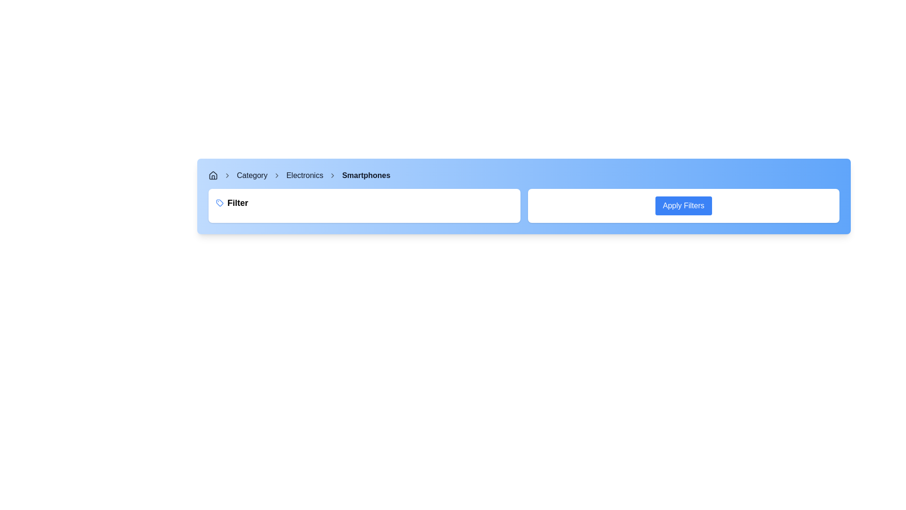 The image size is (906, 510). Describe the element at coordinates (227, 175) in the screenshot. I see `the right-facing chevron icon in the breadcrumb navigation bar, which is styled as a minimalist outline in gray and positioned next to the house icon` at that location.